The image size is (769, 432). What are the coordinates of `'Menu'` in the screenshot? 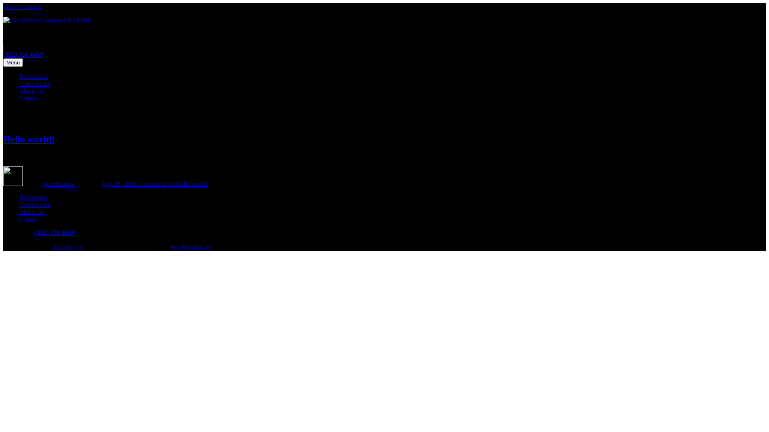 It's located at (13, 62).